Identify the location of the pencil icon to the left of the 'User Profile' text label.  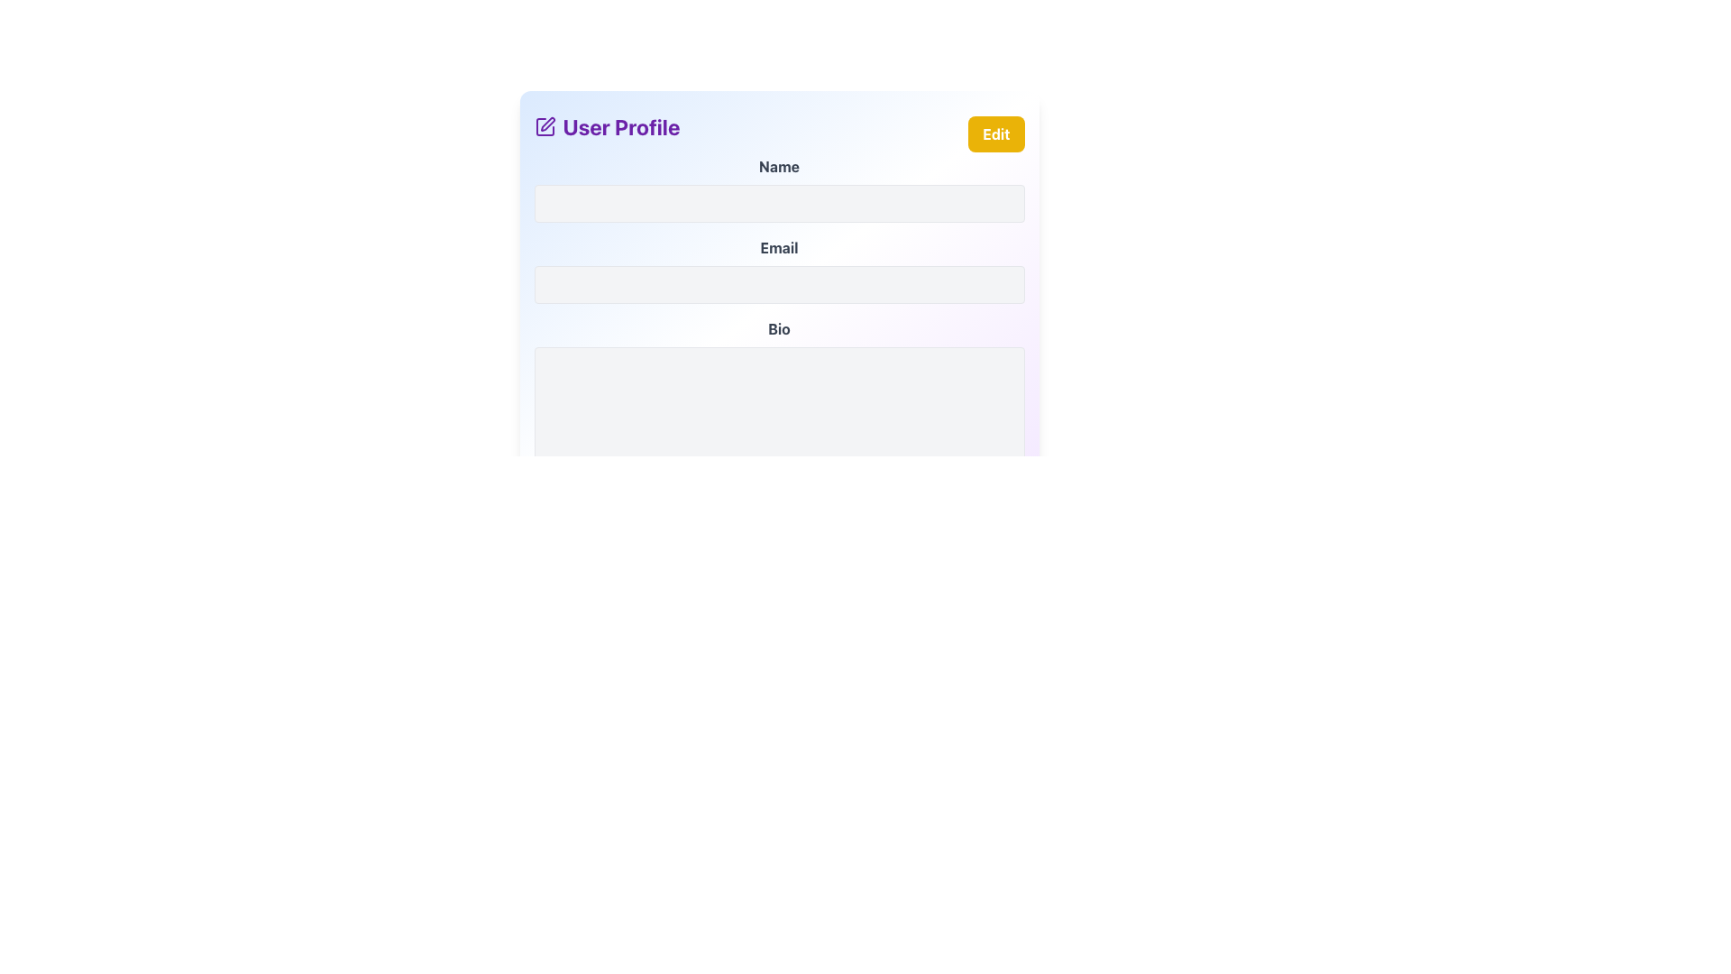
(544, 126).